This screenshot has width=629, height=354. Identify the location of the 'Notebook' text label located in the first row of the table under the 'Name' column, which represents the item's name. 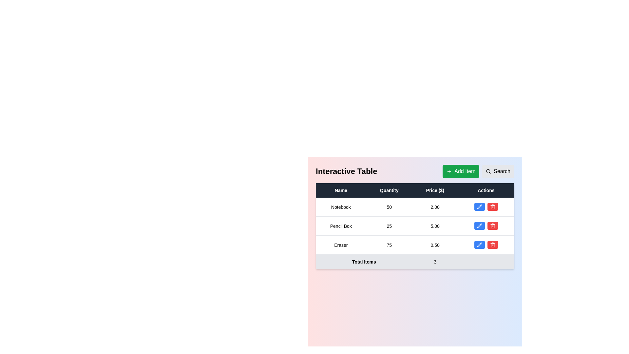
(341, 207).